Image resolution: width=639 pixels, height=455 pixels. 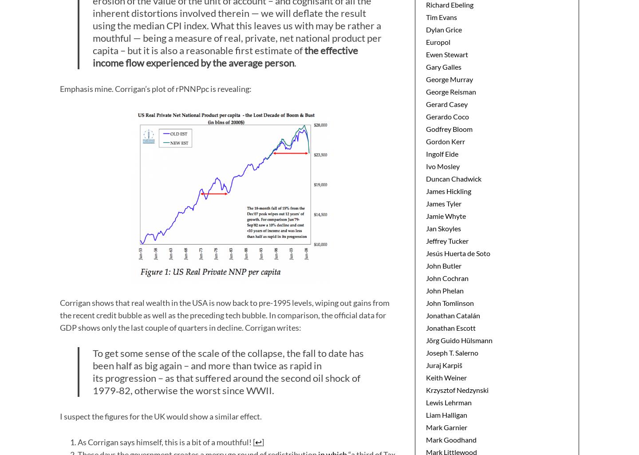 I want to click on 'Juraj Karpiš', so click(x=443, y=364).